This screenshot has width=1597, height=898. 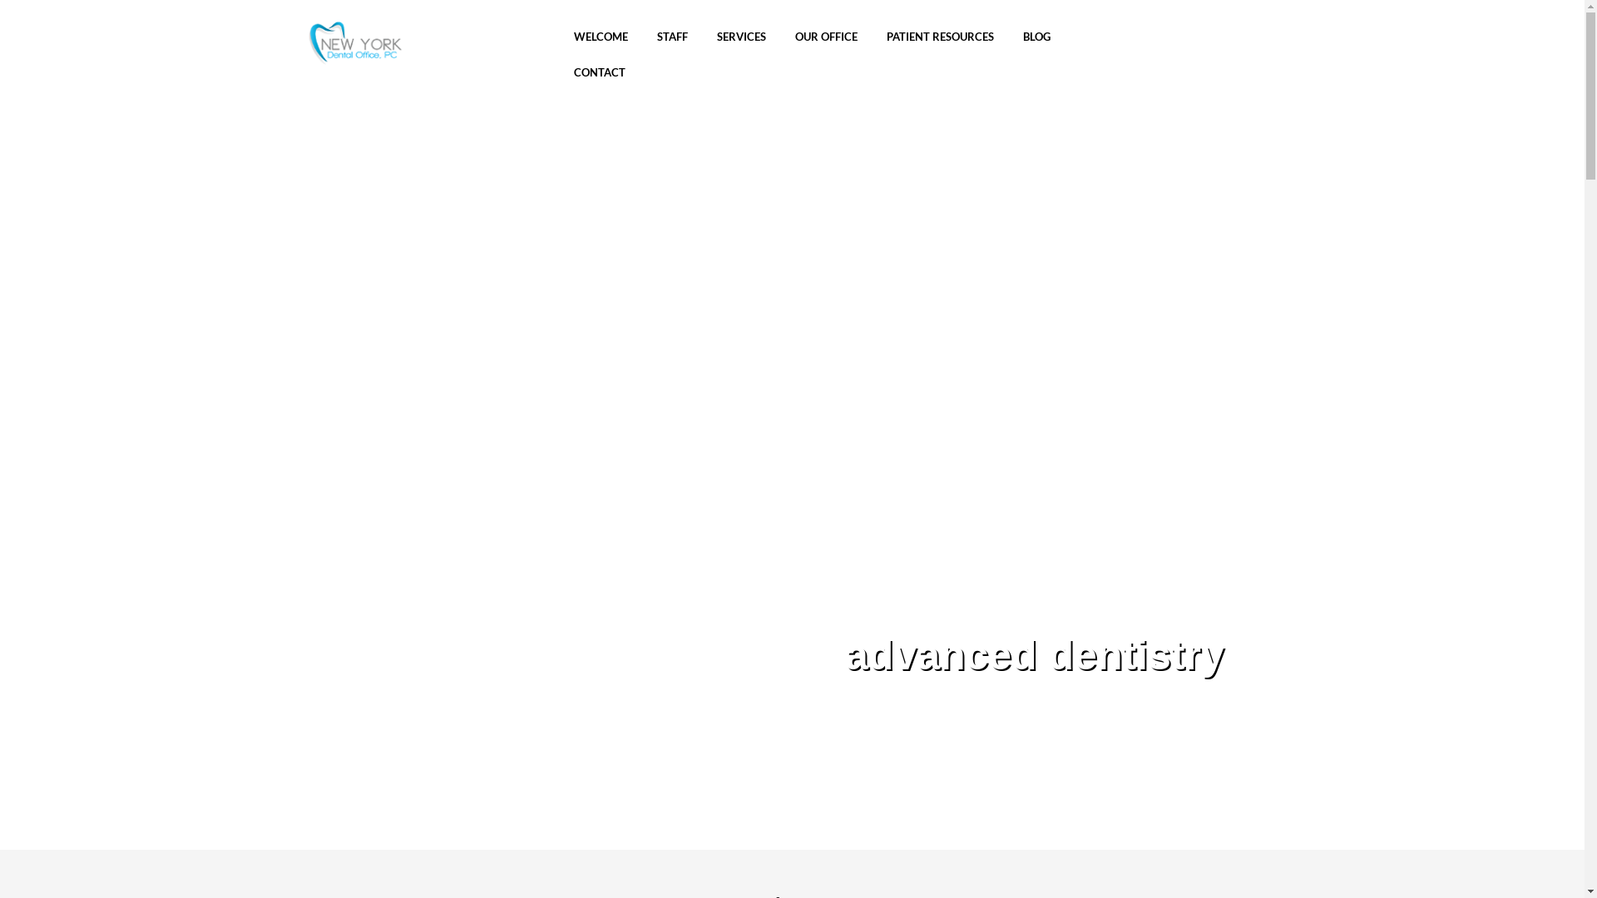 I want to click on 'WELCOME', so click(x=600, y=37).